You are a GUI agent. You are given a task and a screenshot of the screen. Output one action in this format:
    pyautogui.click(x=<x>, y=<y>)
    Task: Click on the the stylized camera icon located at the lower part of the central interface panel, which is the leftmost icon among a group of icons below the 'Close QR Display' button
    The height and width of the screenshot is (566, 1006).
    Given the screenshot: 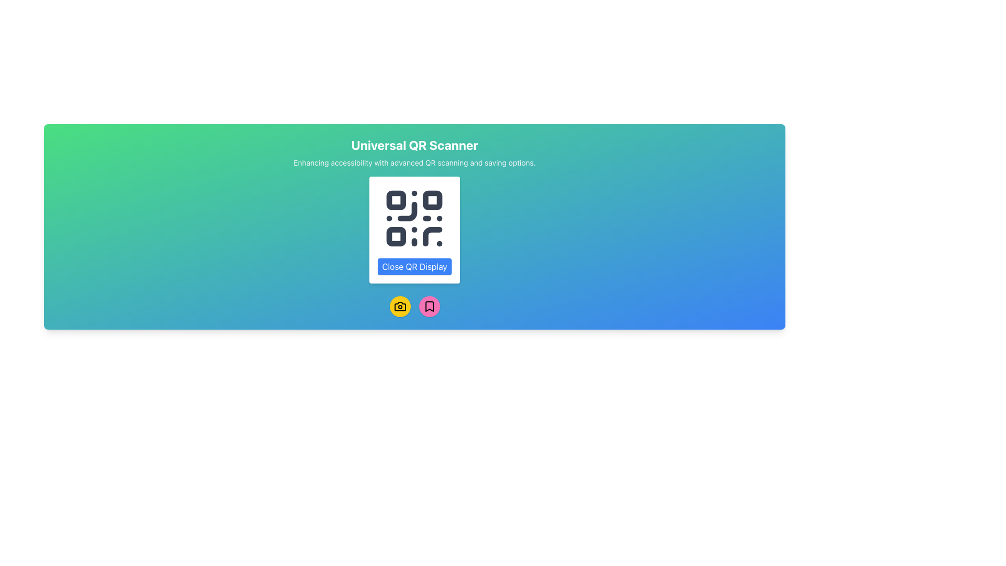 What is the action you would take?
    pyautogui.click(x=399, y=307)
    